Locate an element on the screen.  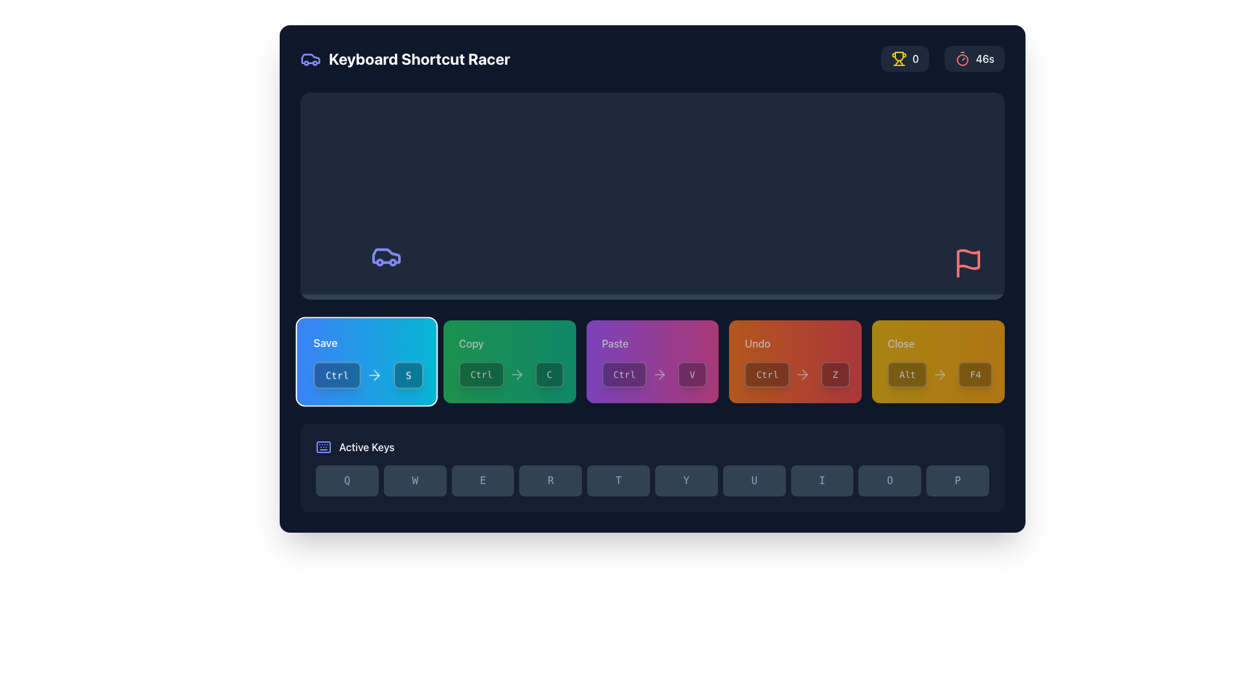
the 'Undo' button, which visually represents the keyboard shortcut 'Ctrl + Z' is located at coordinates (794, 374).